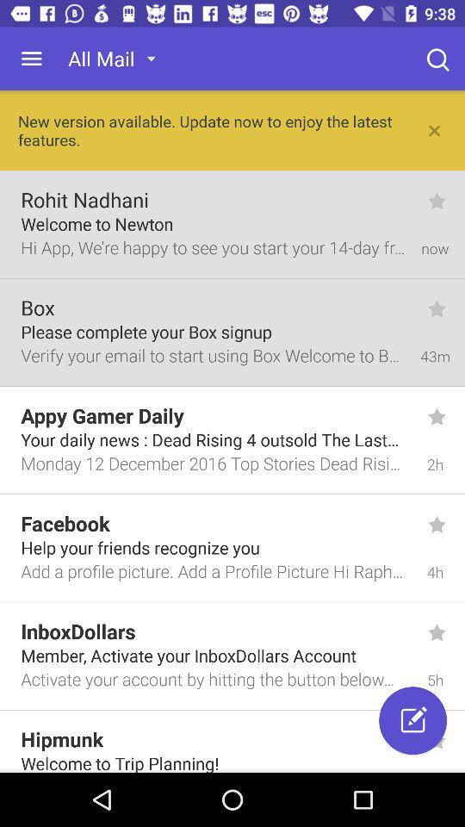 This screenshot has height=827, width=465. Describe the element at coordinates (434, 129) in the screenshot. I see `close` at that location.